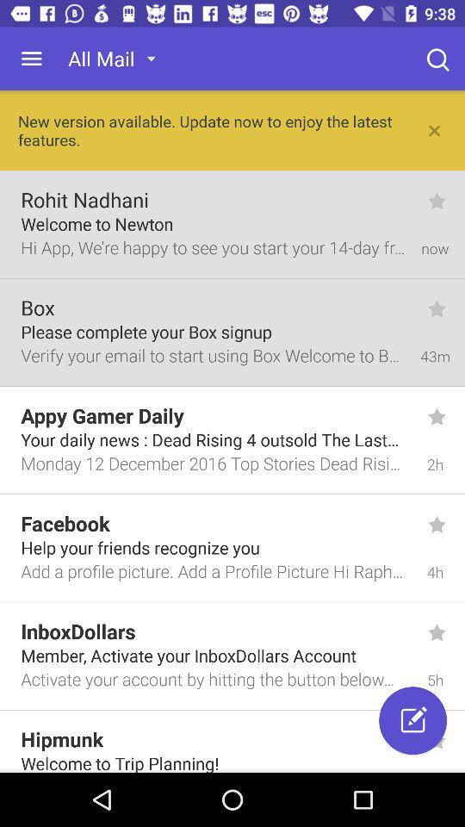 This screenshot has height=827, width=465. Describe the element at coordinates (434, 129) in the screenshot. I see `close` at that location.